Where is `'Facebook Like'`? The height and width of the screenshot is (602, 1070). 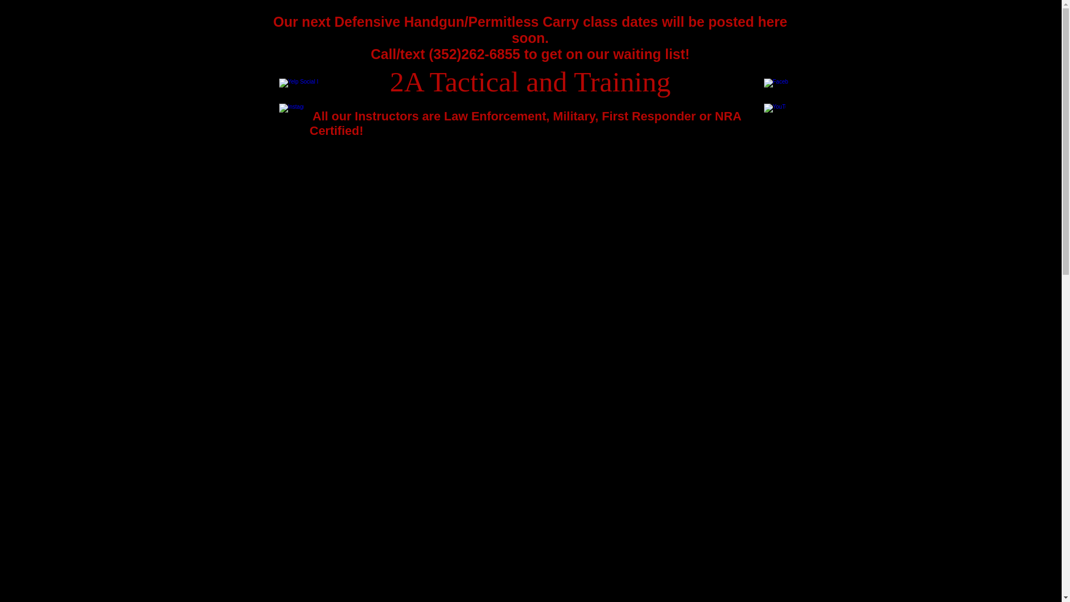
'Facebook Like' is located at coordinates (751, 68).